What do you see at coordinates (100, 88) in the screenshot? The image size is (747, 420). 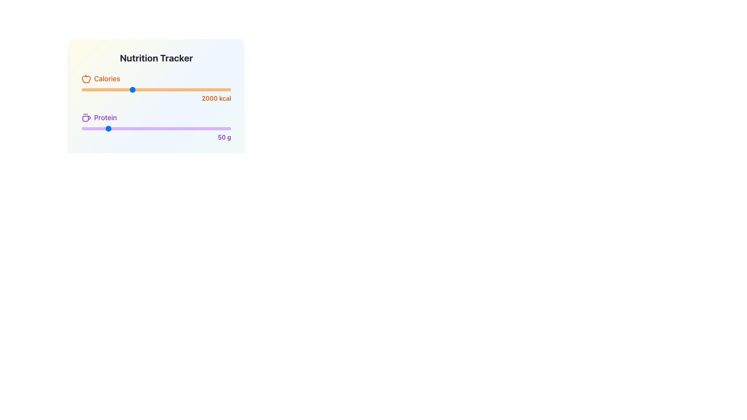 I see `calorie intake` at bounding box center [100, 88].